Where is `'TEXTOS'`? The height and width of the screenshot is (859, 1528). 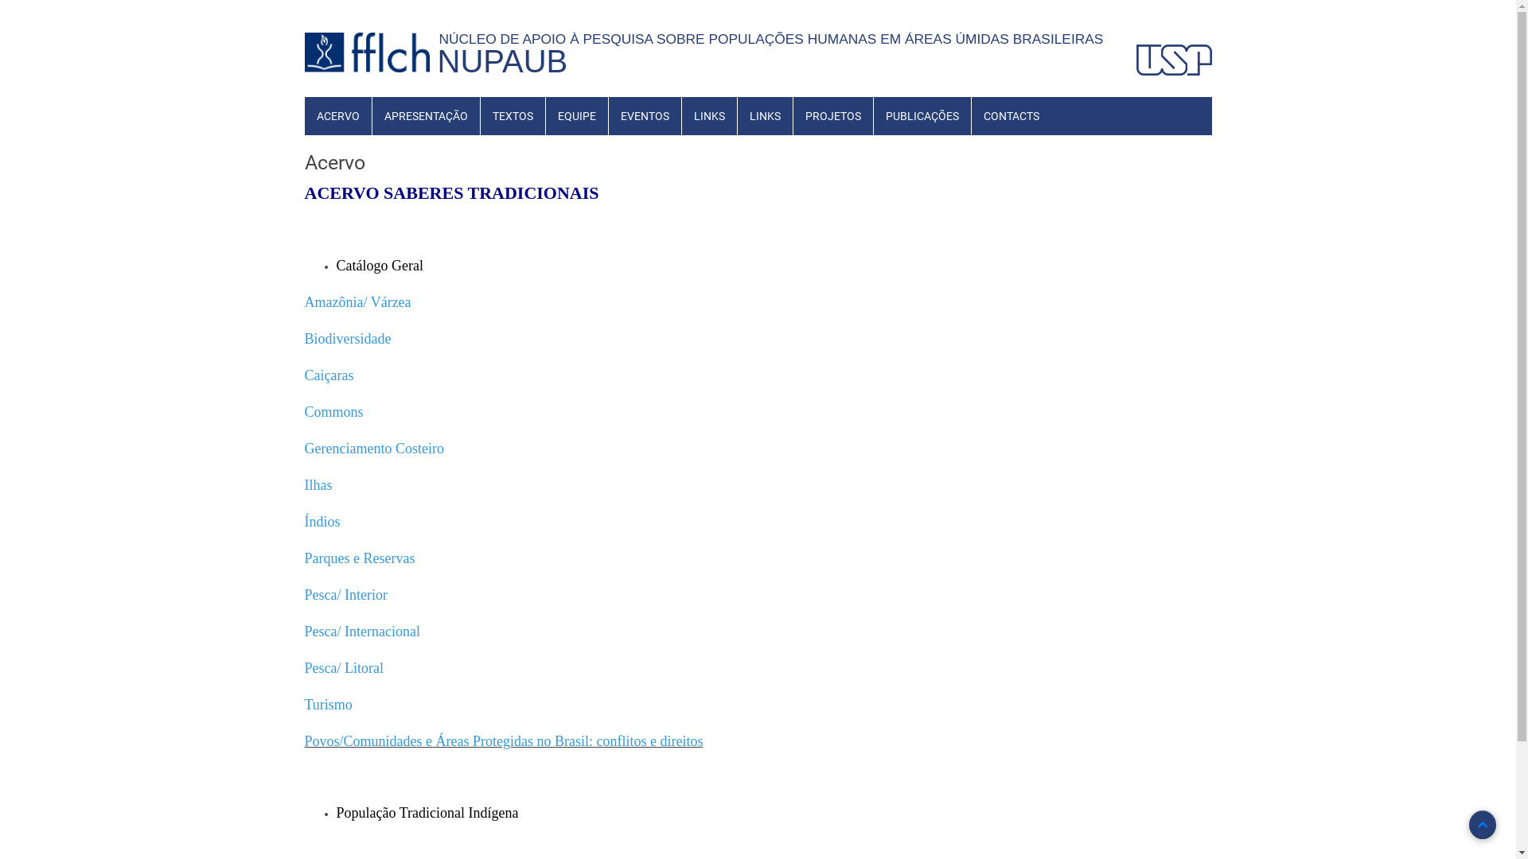 'TEXTOS' is located at coordinates (513, 115).